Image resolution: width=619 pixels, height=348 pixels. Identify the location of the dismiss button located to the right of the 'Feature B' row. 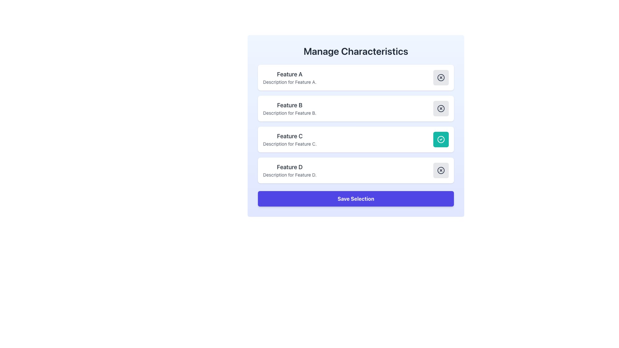
(441, 108).